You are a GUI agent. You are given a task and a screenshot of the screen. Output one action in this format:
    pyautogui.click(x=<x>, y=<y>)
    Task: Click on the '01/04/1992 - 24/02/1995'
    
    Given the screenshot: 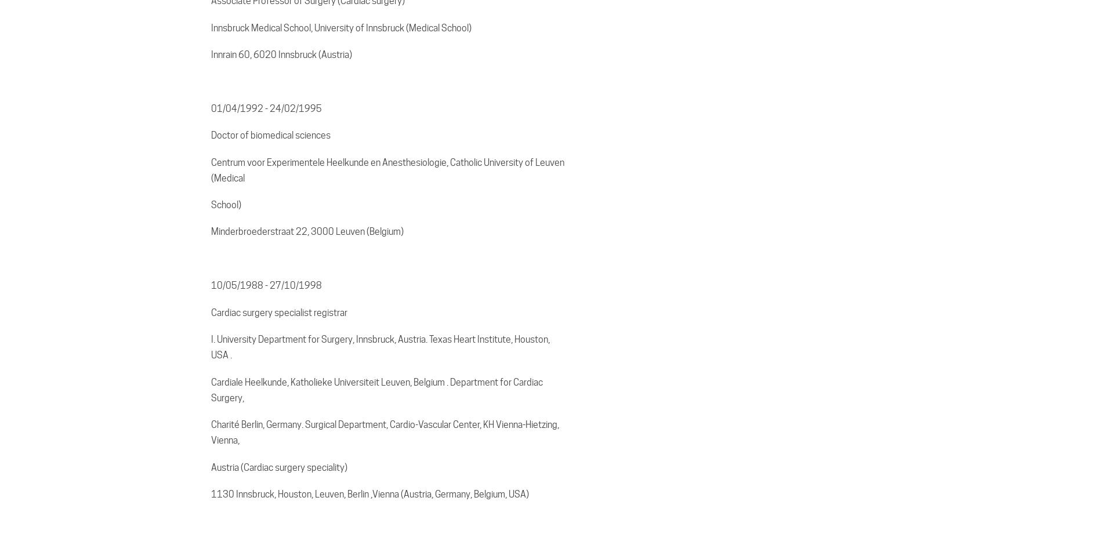 What is the action you would take?
    pyautogui.click(x=266, y=108)
    